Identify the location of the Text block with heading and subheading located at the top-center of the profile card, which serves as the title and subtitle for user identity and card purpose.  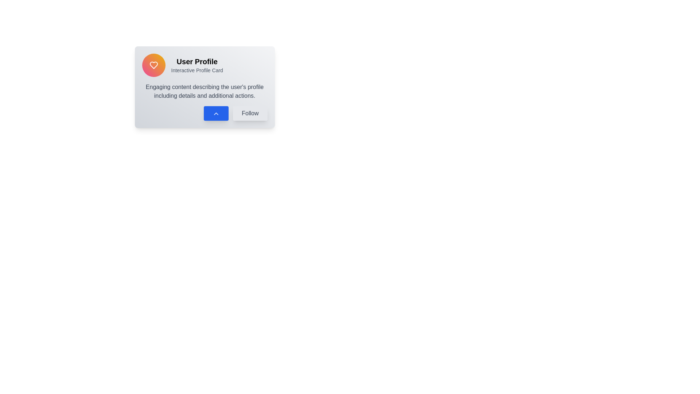
(197, 65).